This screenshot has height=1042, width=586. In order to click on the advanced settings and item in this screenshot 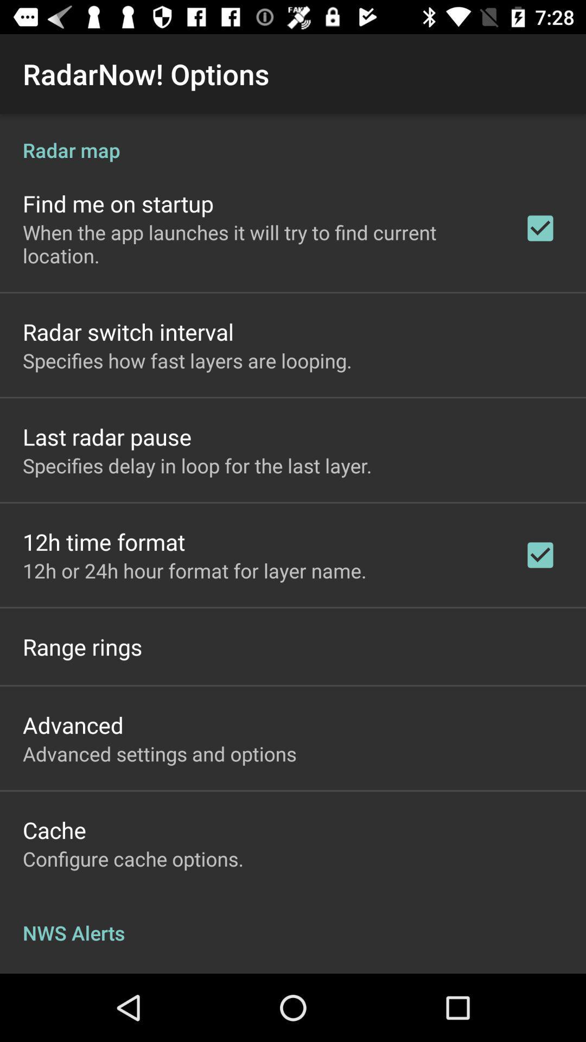, I will do `click(160, 753)`.